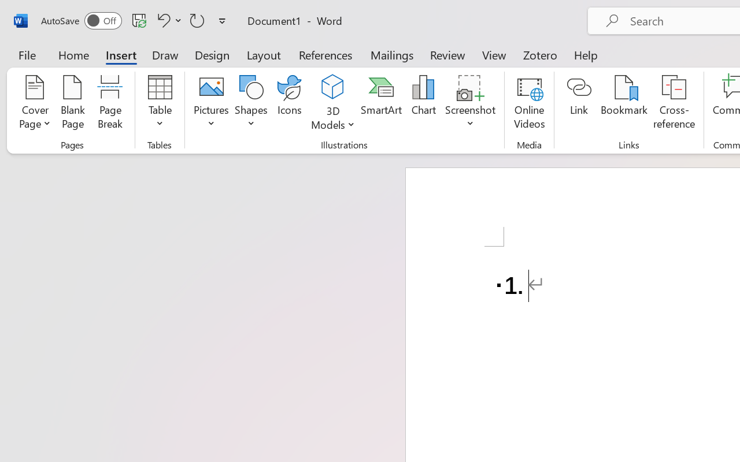 The width and height of the screenshot is (740, 462). What do you see at coordinates (528, 103) in the screenshot?
I see `'Online Videos...'` at bounding box center [528, 103].